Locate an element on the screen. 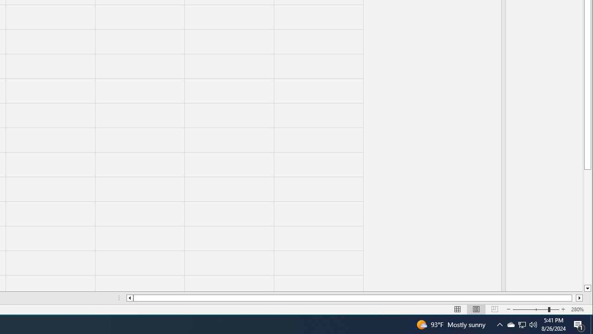 The image size is (593, 334). 'User Promoted Notification Area' is located at coordinates (522, 324).